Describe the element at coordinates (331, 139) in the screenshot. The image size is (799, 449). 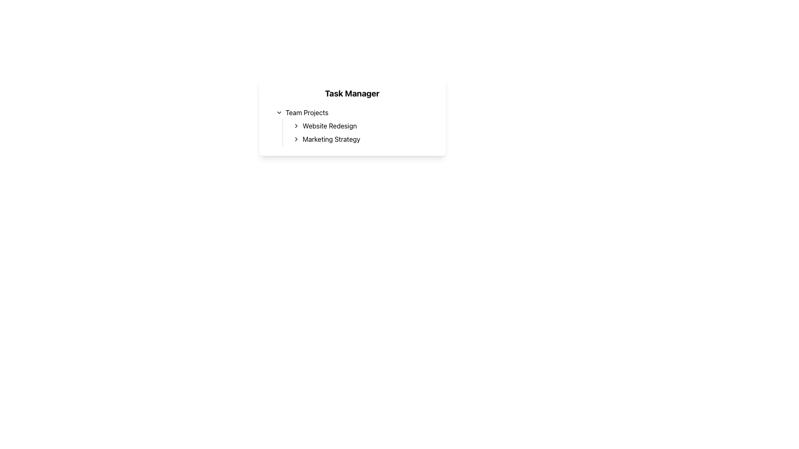
I see `the 'Marketing Strategy' text label located under the 'Team Projects' section in the 'Task Manager' header` at that location.